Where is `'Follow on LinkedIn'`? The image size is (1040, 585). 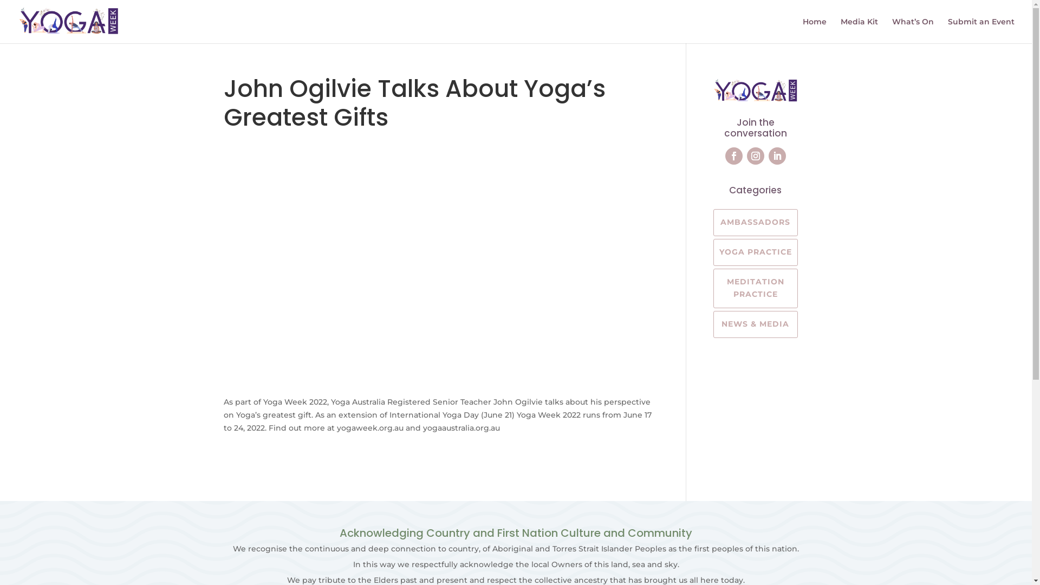
'Follow on LinkedIn' is located at coordinates (768, 156).